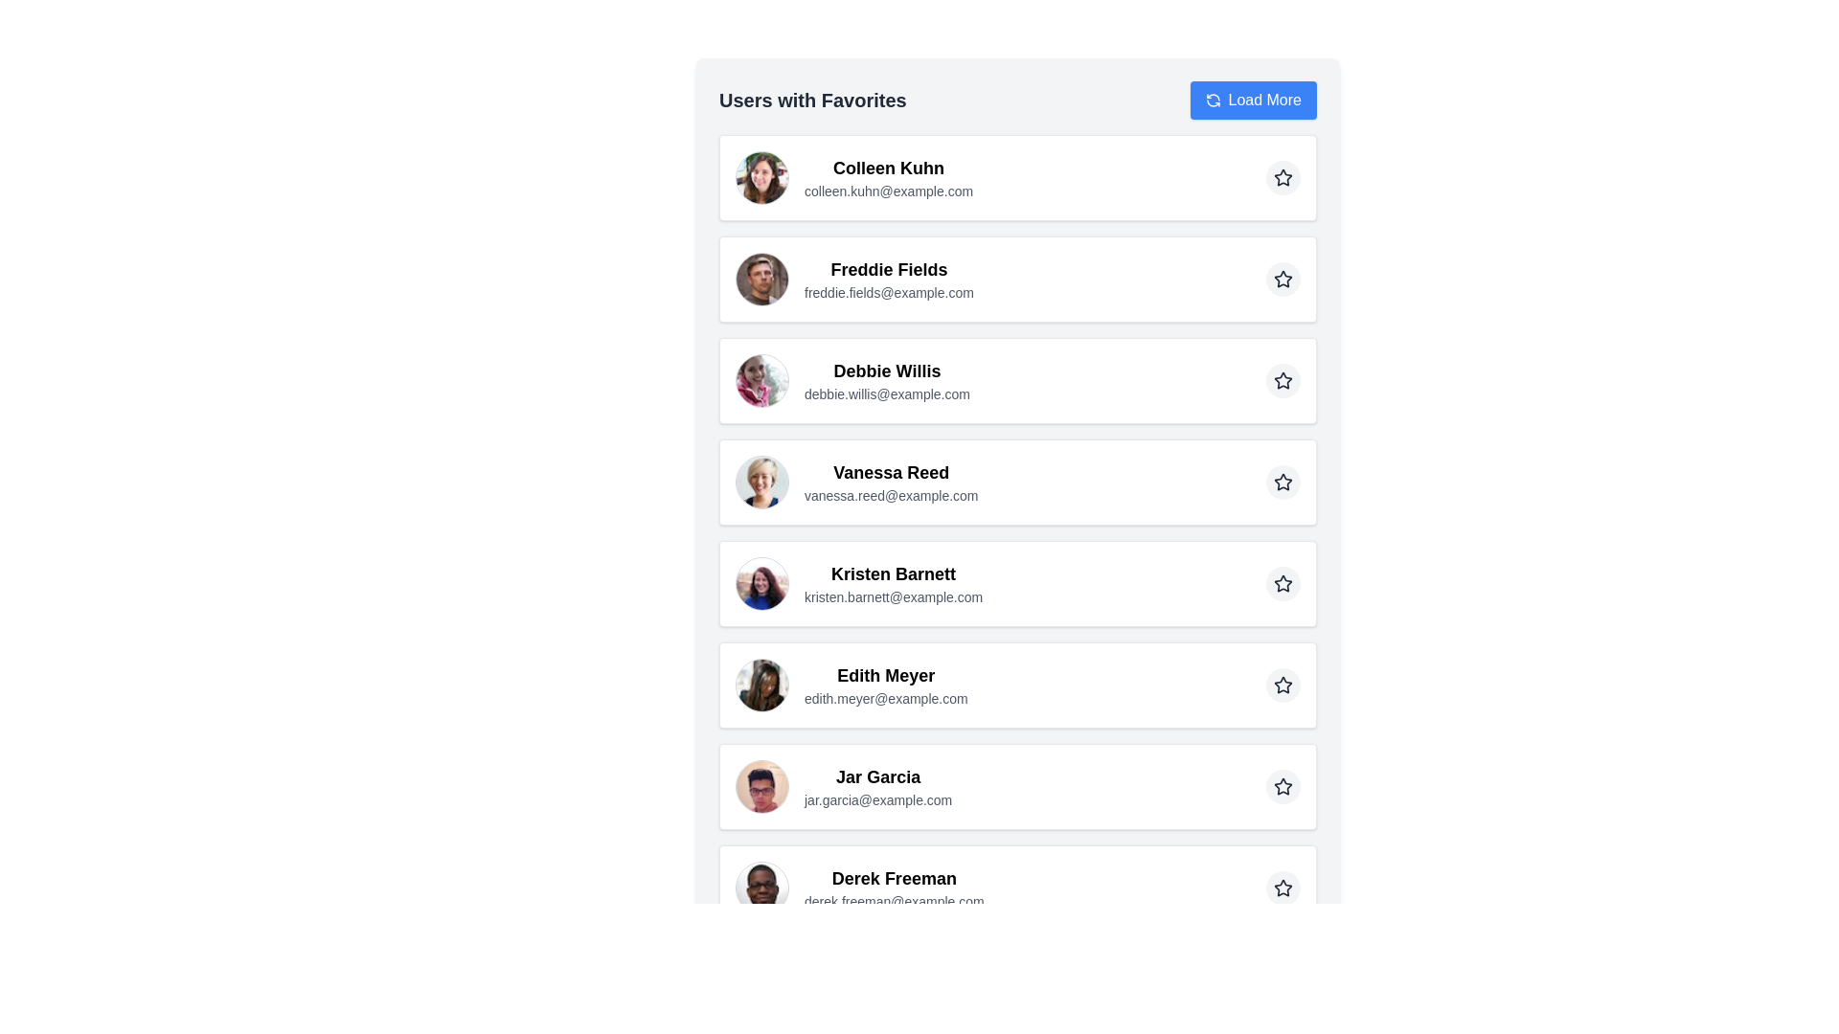 This screenshot has height=1034, width=1839. I want to click on the profile picture of the user displayed on the profile card, which is the fifth item in the 'Users with Favorites' list, so click(1016, 582).